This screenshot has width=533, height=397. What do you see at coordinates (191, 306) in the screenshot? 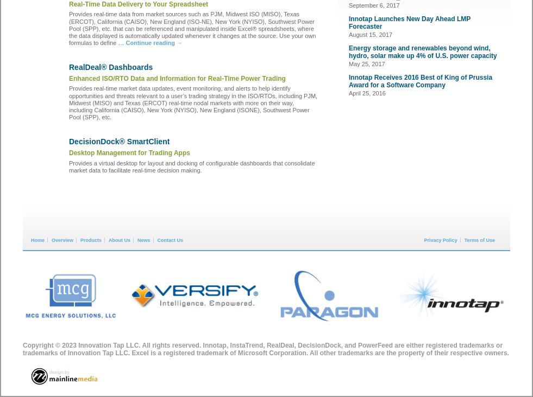
I see `'NERC assessment highlights potential electricity reliability concern for central U.S.'` at bounding box center [191, 306].